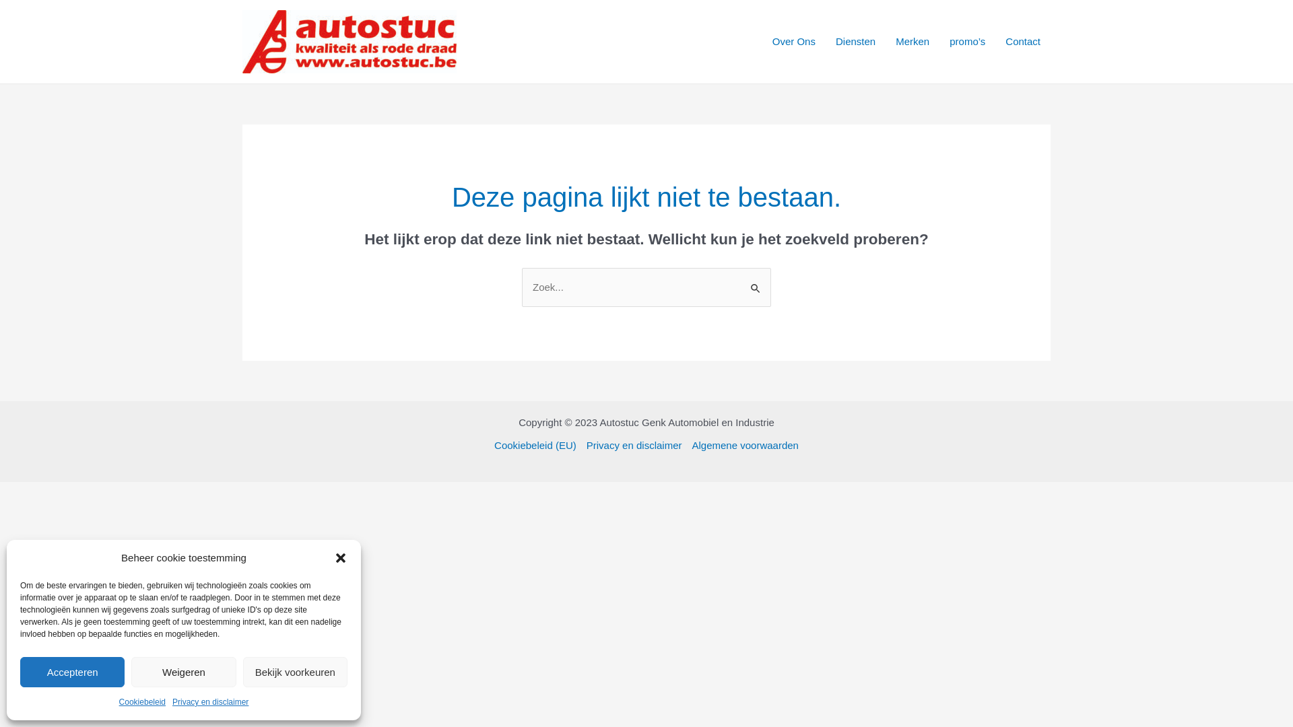 Image resolution: width=1293 pixels, height=727 pixels. I want to click on 'Contact', so click(1022, 40).